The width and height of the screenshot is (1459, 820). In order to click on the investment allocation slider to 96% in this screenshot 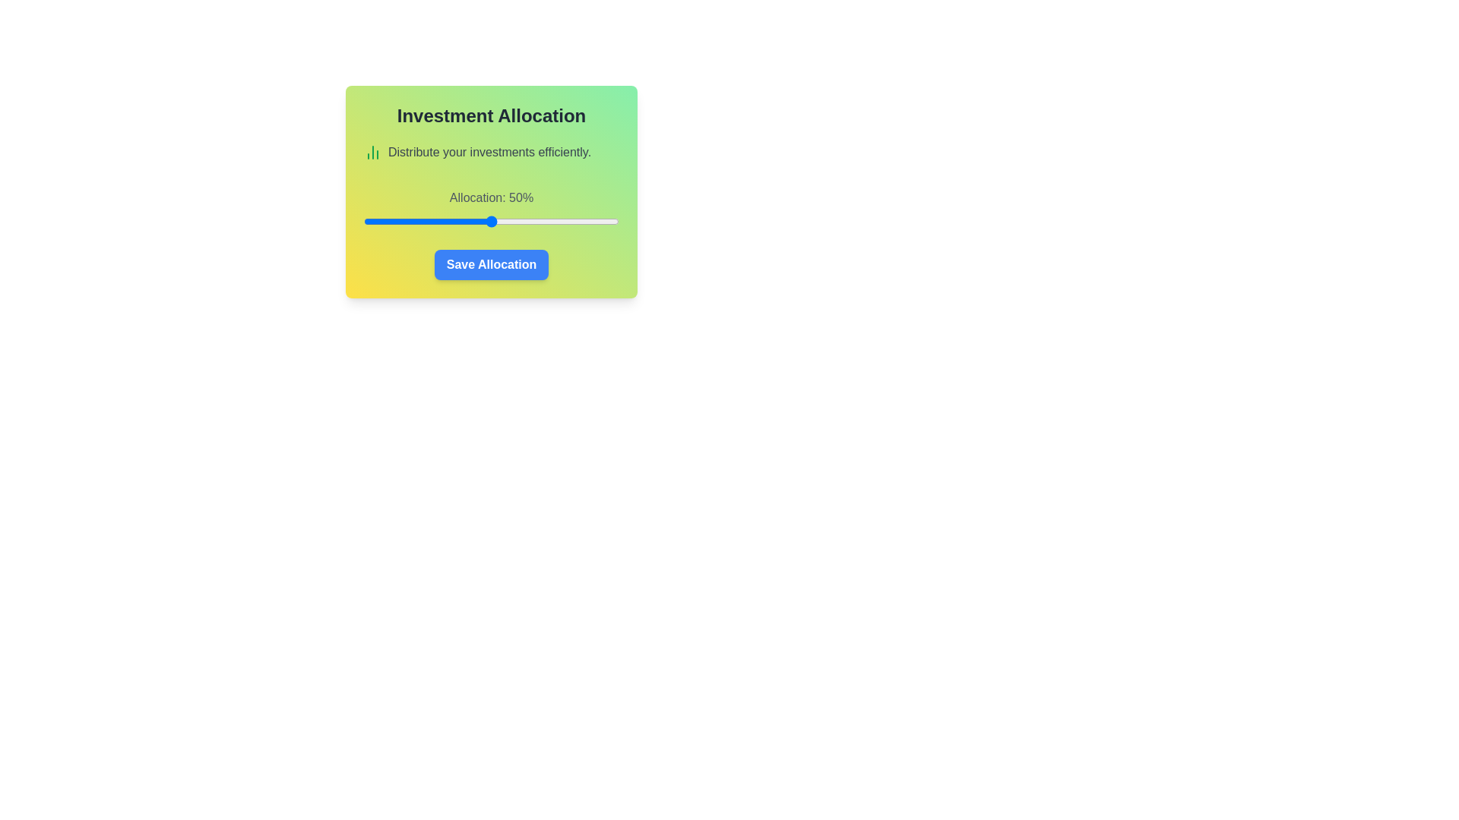, I will do `click(609, 222)`.